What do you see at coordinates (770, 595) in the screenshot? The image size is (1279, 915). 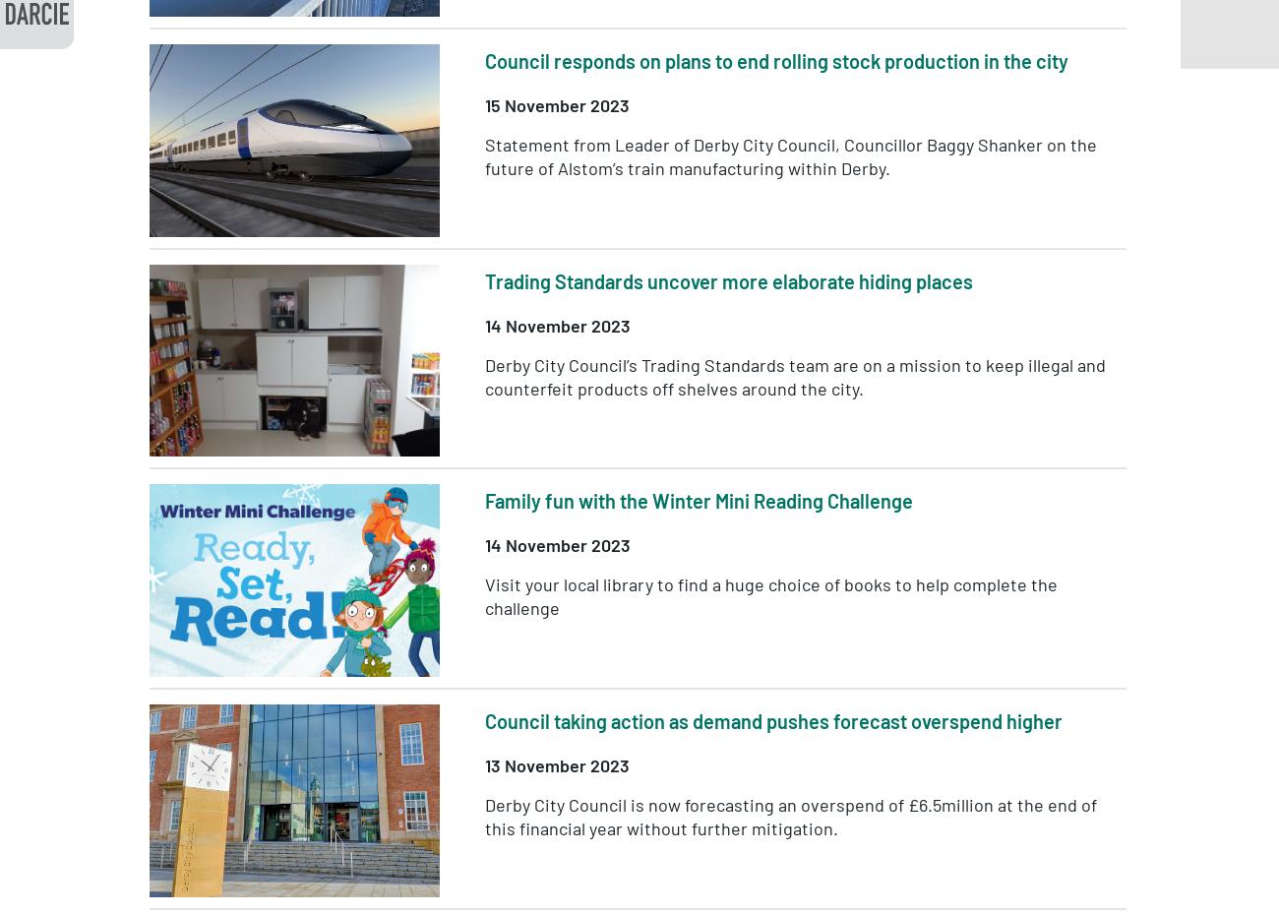 I see `'Visit your local library to find a huge choice of books to help complete the challenge'` at bounding box center [770, 595].